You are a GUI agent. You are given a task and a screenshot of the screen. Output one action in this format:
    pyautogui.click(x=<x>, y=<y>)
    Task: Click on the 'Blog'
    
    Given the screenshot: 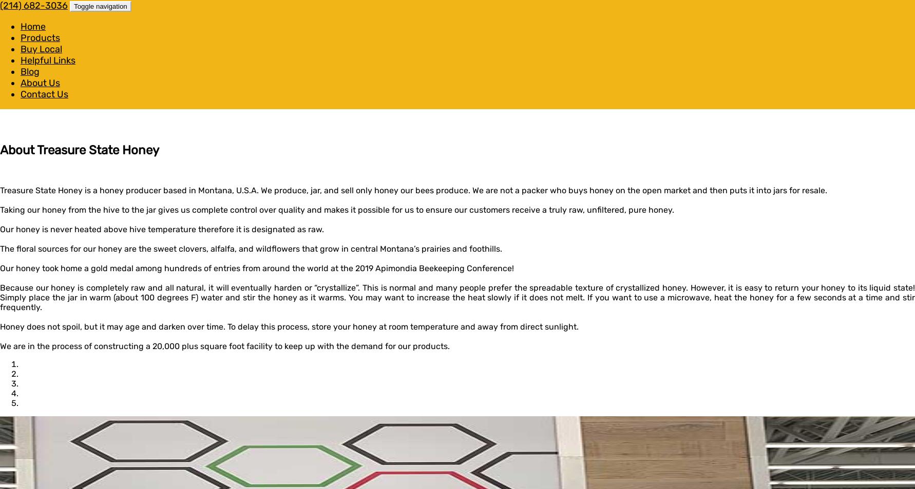 What is the action you would take?
    pyautogui.click(x=20, y=71)
    